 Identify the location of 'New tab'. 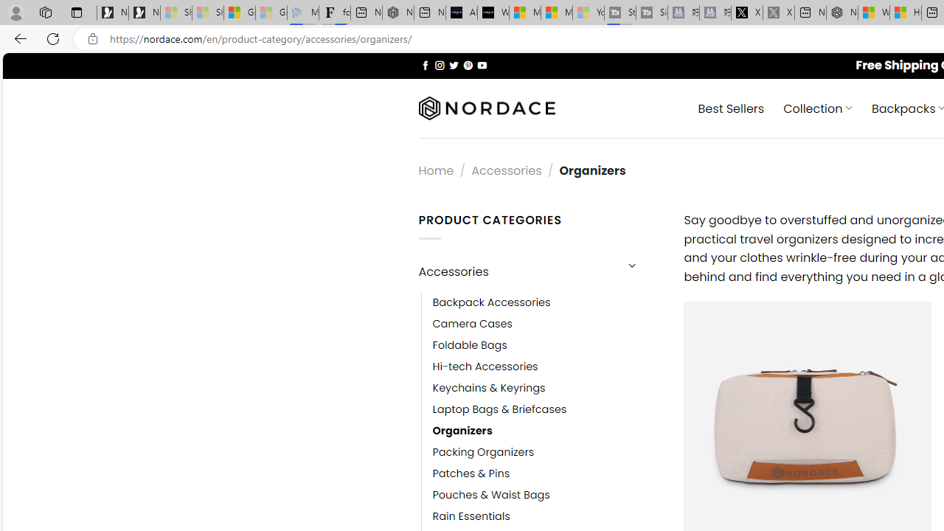
(809, 13).